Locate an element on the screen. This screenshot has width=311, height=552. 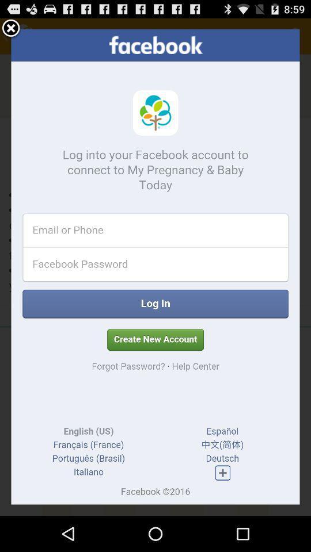
the close icon is located at coordinates (10, 30).